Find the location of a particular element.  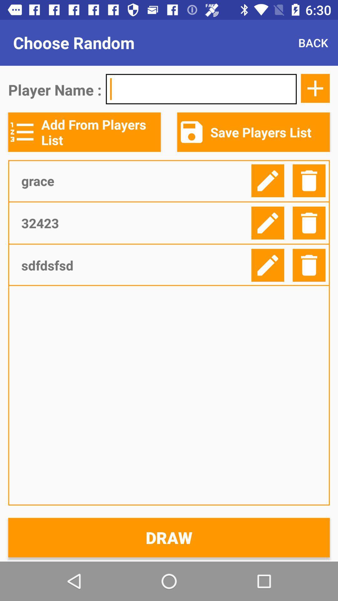

edit it is located at coordinates (268, 223).